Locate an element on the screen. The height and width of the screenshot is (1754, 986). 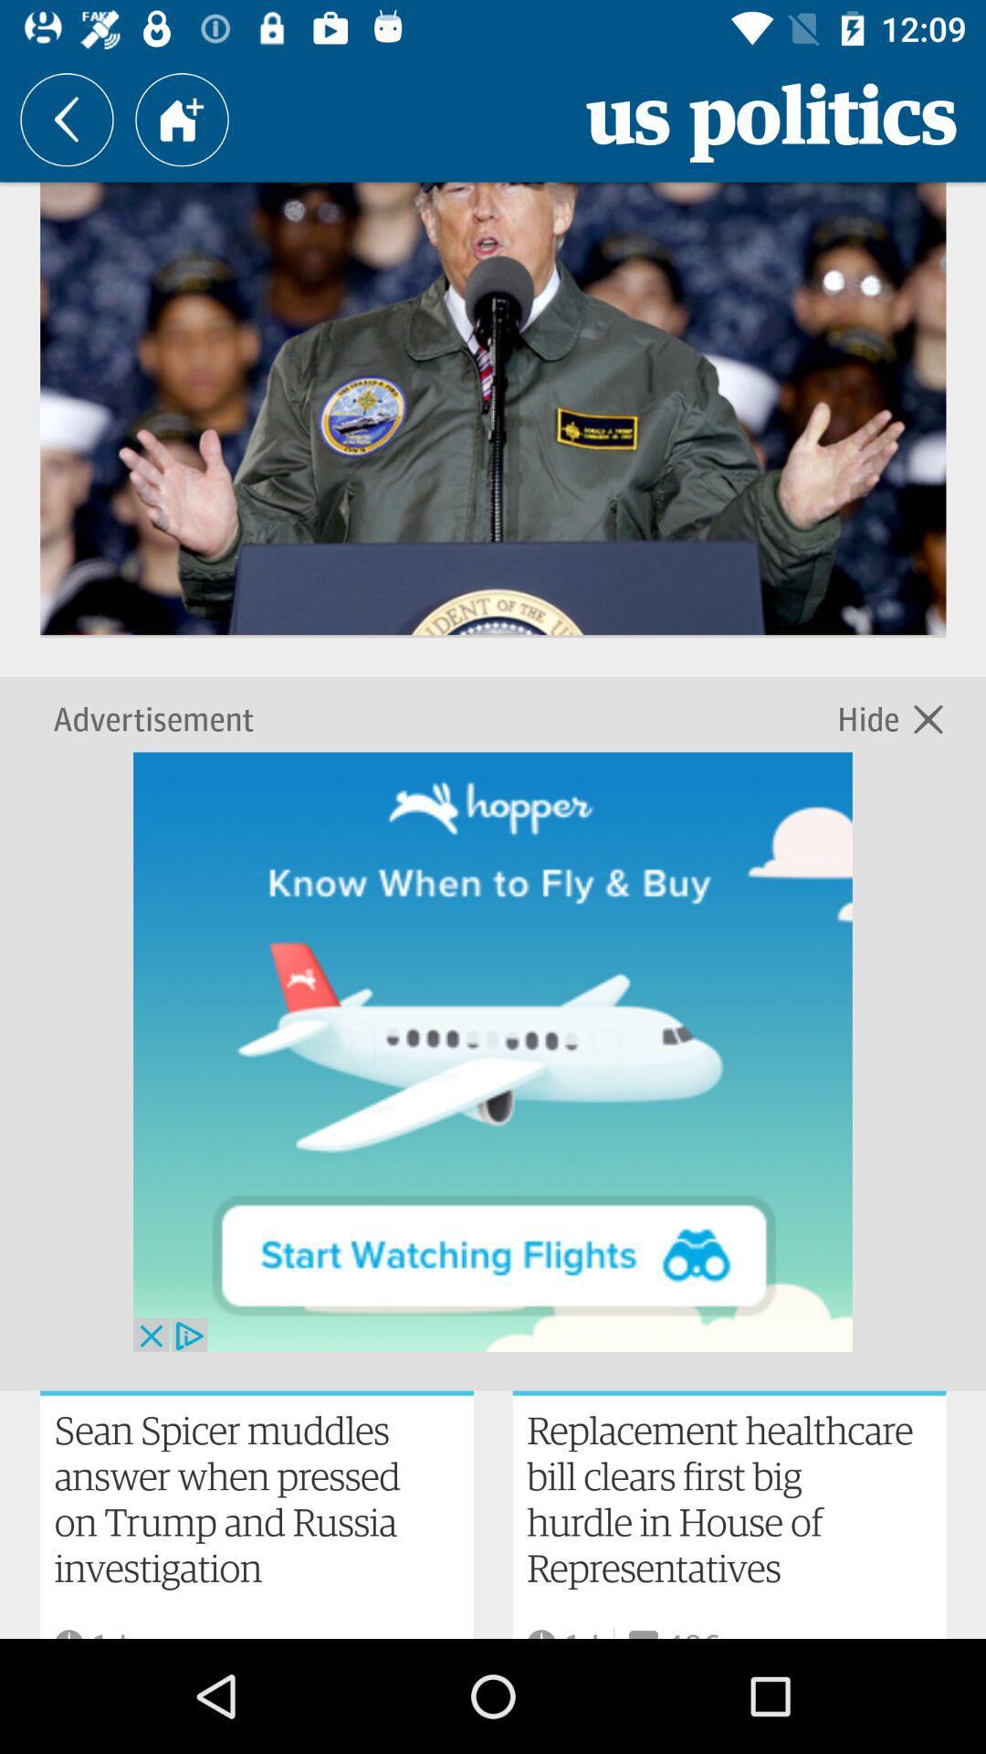
the cross mark next to hide is located at coordinates (928, 716).